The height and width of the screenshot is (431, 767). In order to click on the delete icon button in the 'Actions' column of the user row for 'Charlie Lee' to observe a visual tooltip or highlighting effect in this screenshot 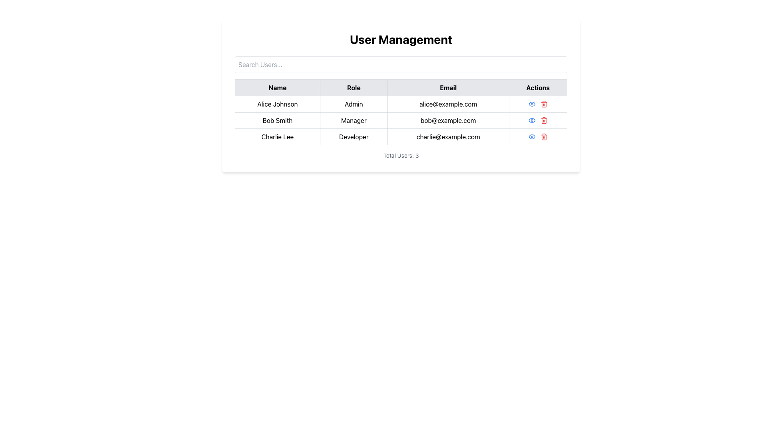, I will do `click(543, 136)`.